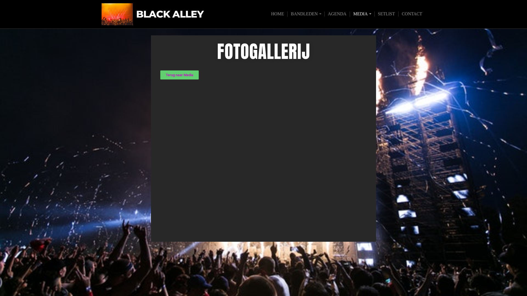 The height and width of the screenshot is (296, 527). Describe the element at coordinates (337, 13) in the screenshot. I see `'AGENDA'` at that location.